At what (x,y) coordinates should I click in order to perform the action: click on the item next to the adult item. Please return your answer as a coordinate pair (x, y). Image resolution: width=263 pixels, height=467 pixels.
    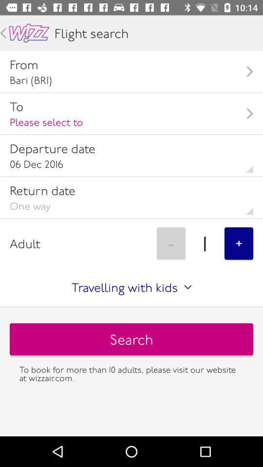
    Looking at the image, I should click on (170, 243).